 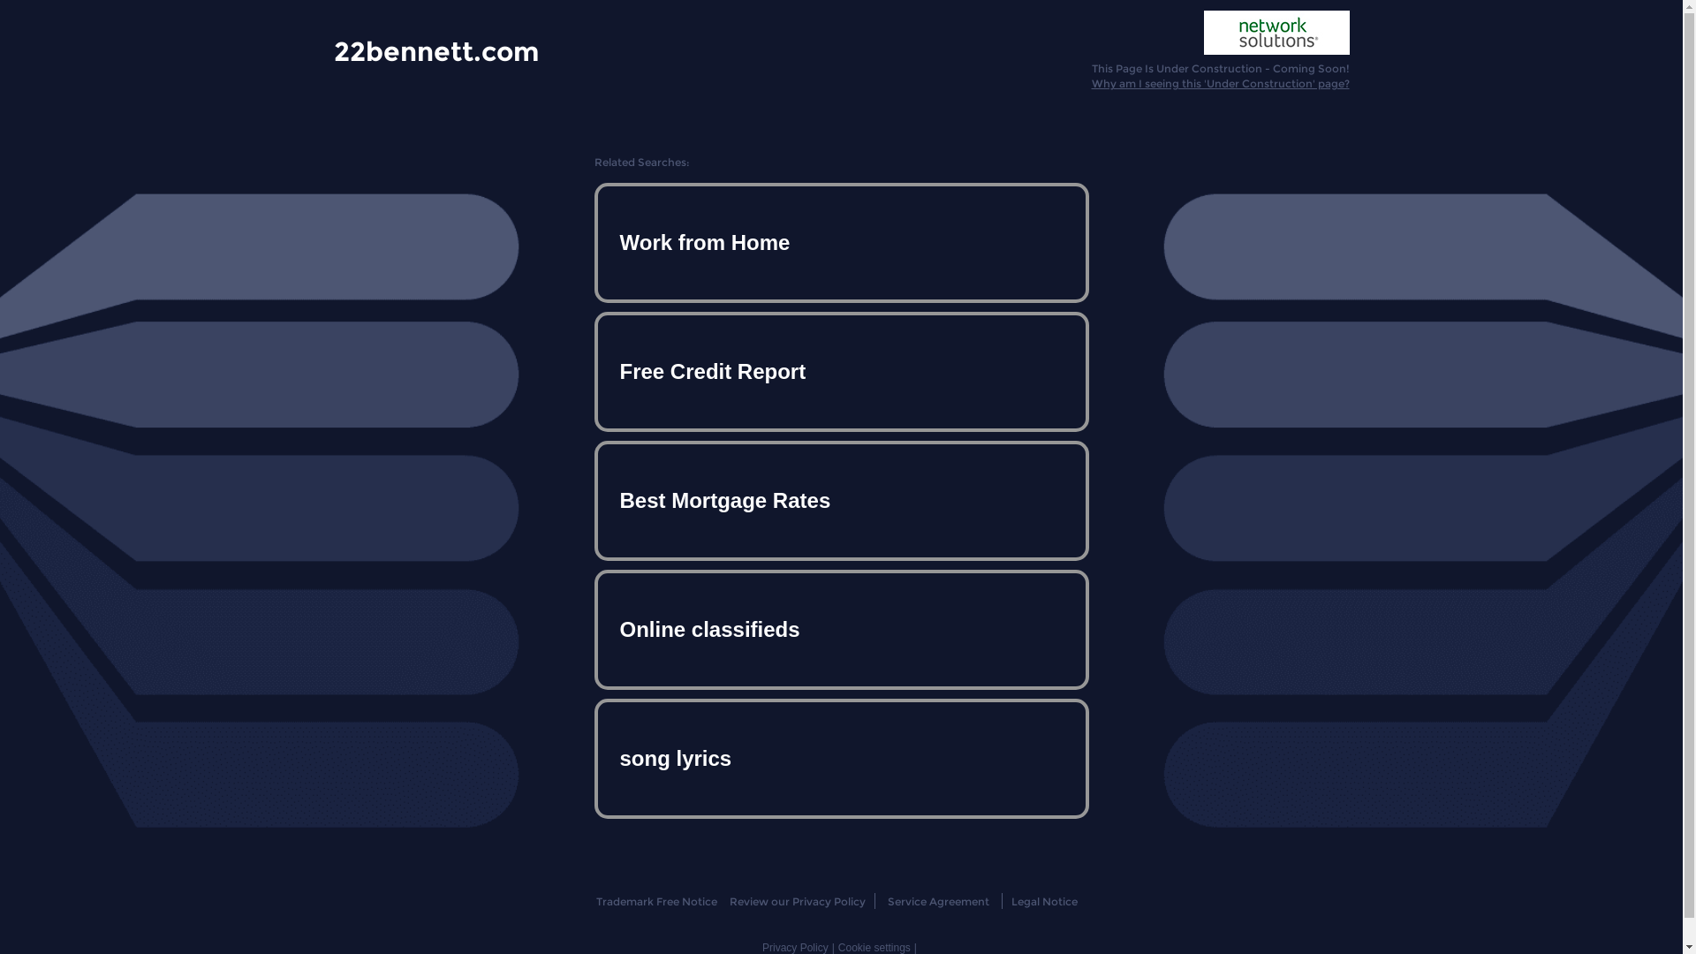 What do you see at coordinates (597, 629) in the screenshot?
I see `'Online classifieds'` at bounding box center [597, 629].